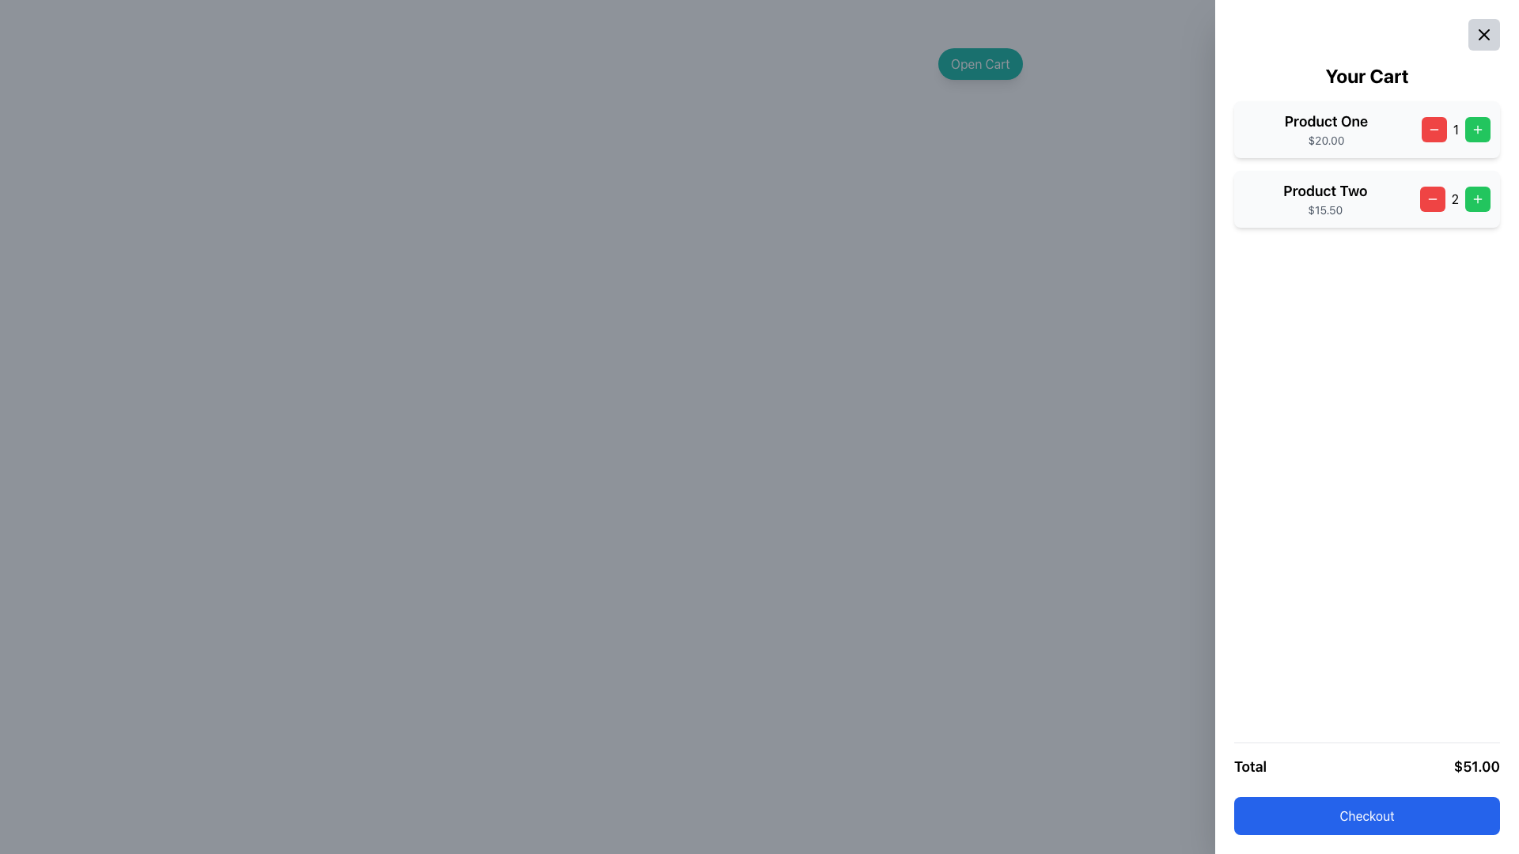 Image resolution: width=1519 pixels, height=854 pixels. I want to click on the '+' button to the right of the quantity indicator in the second row of the shopping cart to increase the product quantity, so click(1476, 129).